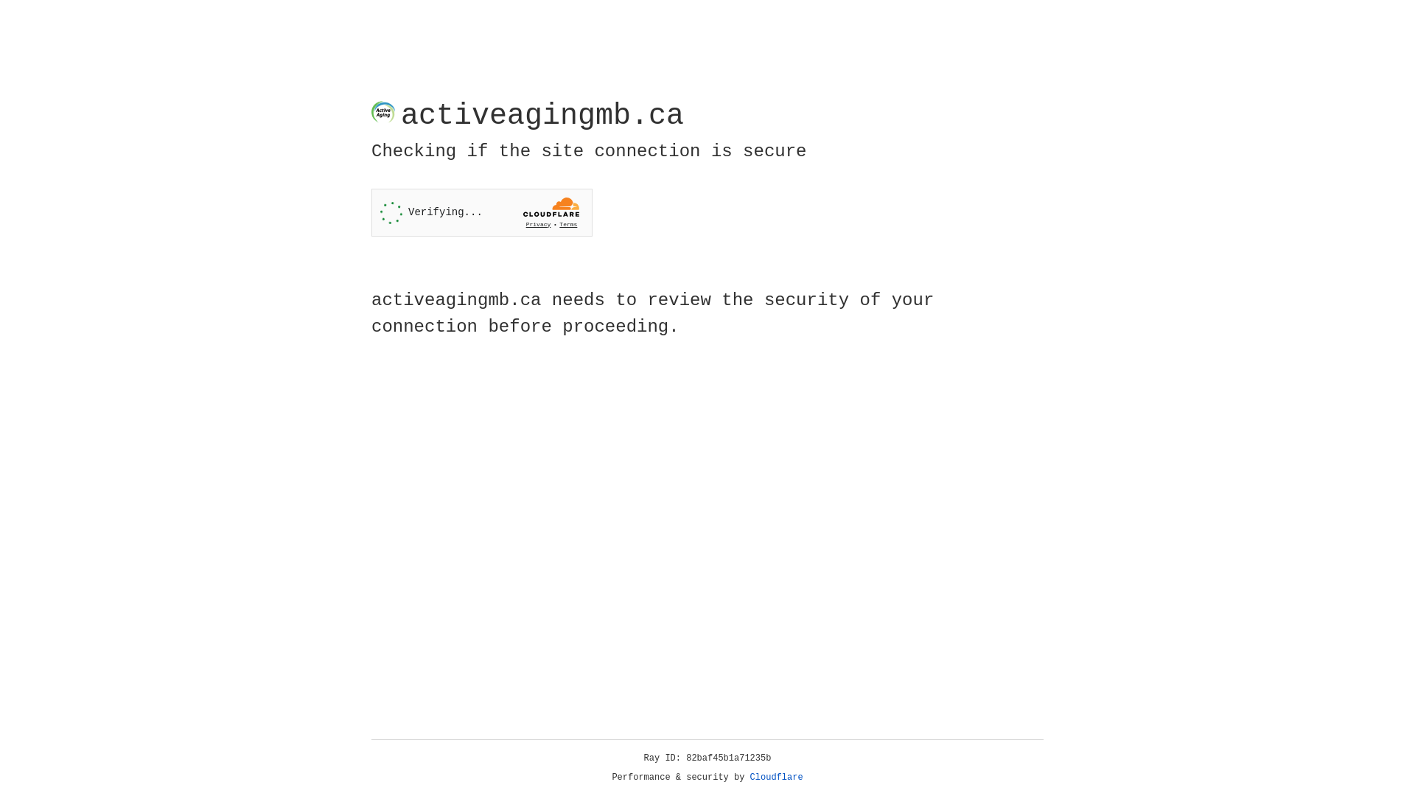  What do you see at coordinates (481, 212) in the screenshot?
I see `'Widget containing a Cloudflare security challenge'` at bounding box center [481, 212].